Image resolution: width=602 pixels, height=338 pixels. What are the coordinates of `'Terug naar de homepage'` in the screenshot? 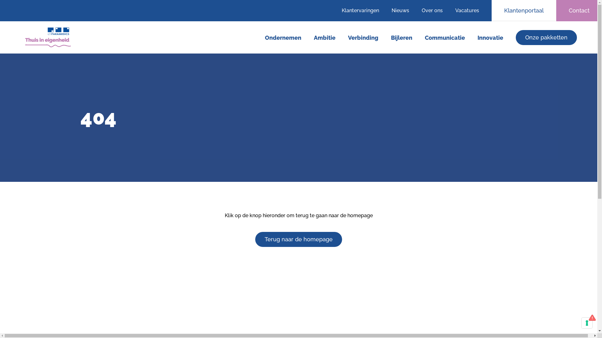 It's located at (298, 239).